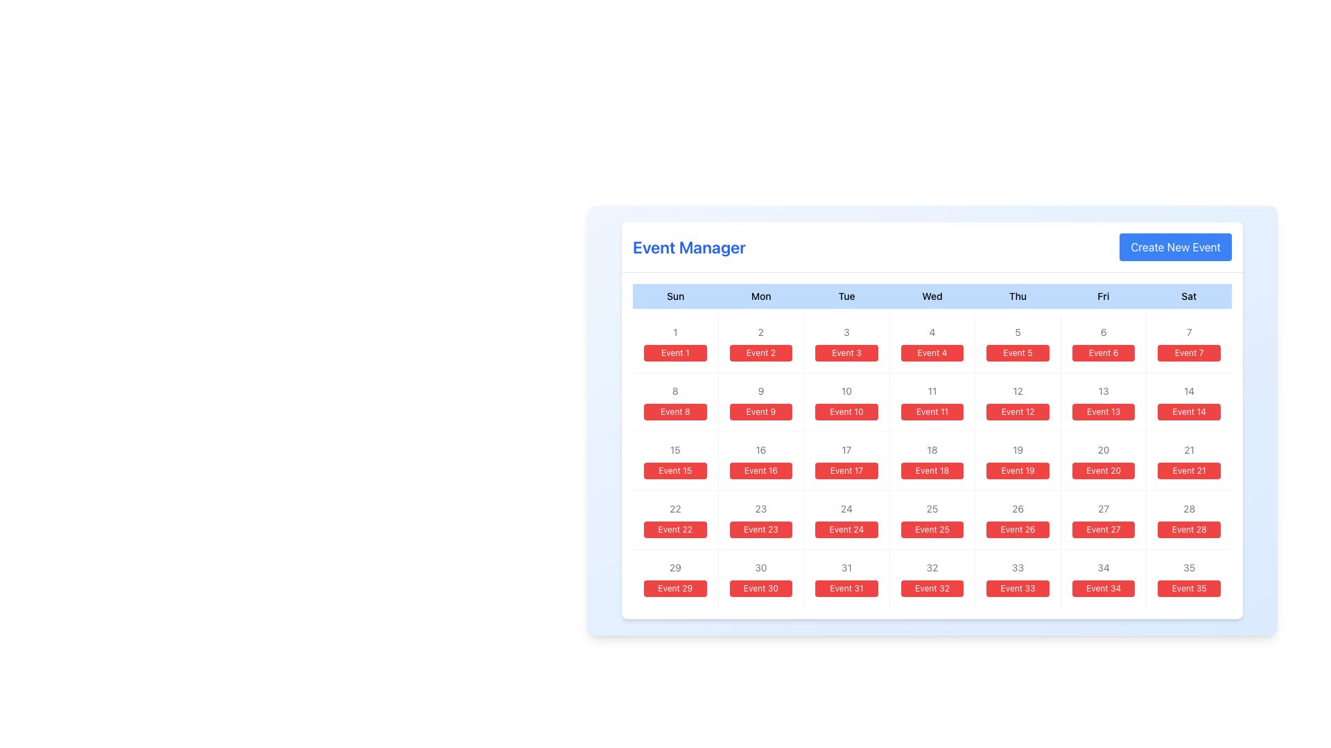  Describe the element at coordinates (760, 461) in the screenshot. I see `the button representing the event tied to the date 16 in the calendar, located under the 'Mon' column, third row` at that location.